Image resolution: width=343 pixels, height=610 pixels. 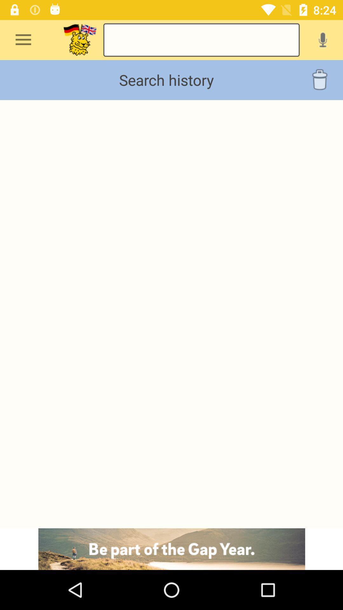 I want to click on delete the history, so click(x=319, y=80).